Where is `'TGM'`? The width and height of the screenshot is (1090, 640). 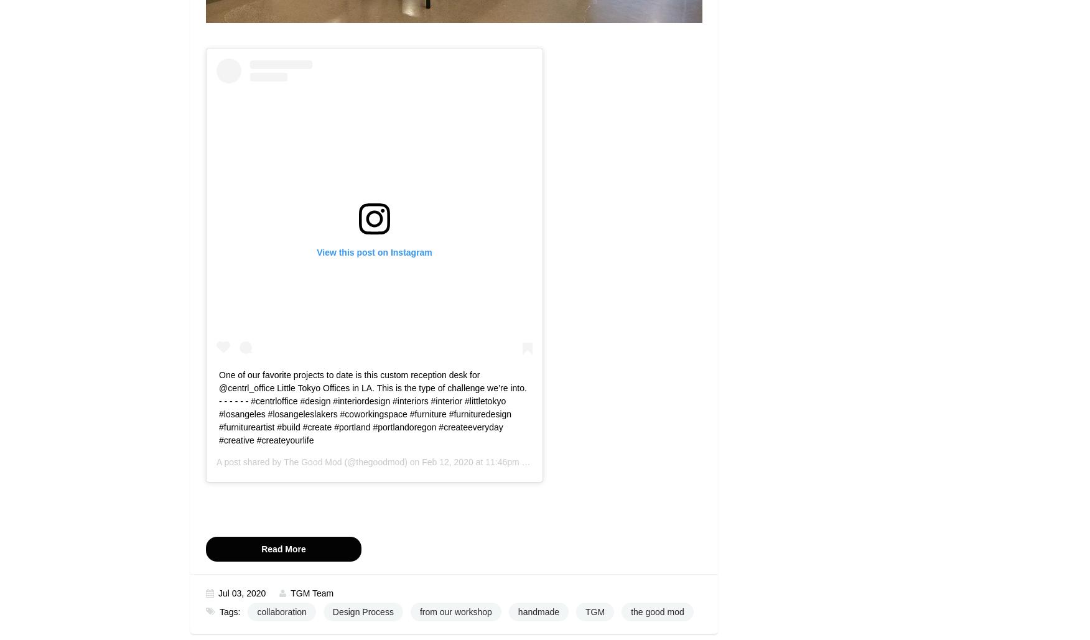
'TGM' is located at coordinates (585, 611).